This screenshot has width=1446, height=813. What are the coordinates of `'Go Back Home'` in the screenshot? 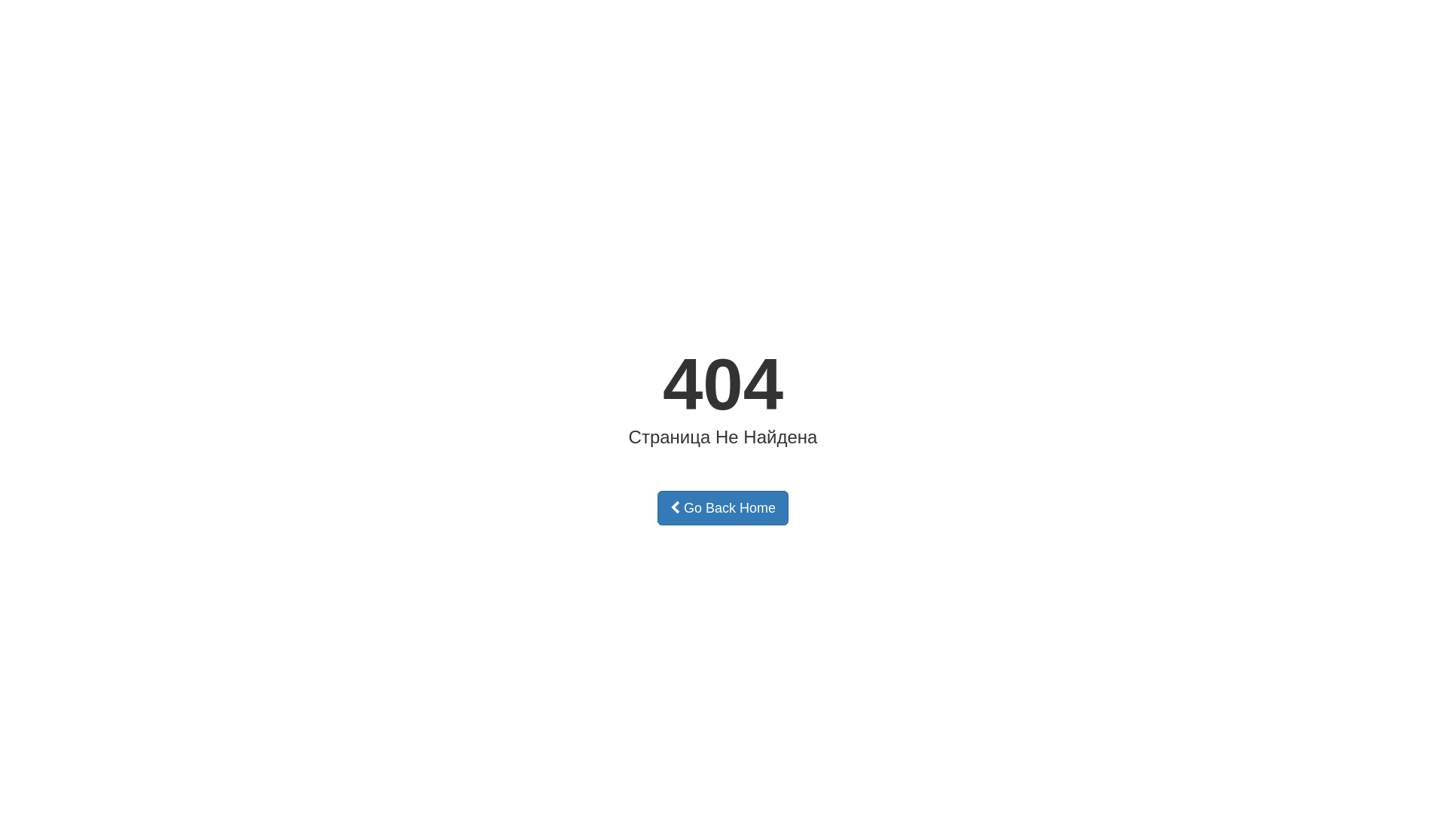 It's located at (723, 508).